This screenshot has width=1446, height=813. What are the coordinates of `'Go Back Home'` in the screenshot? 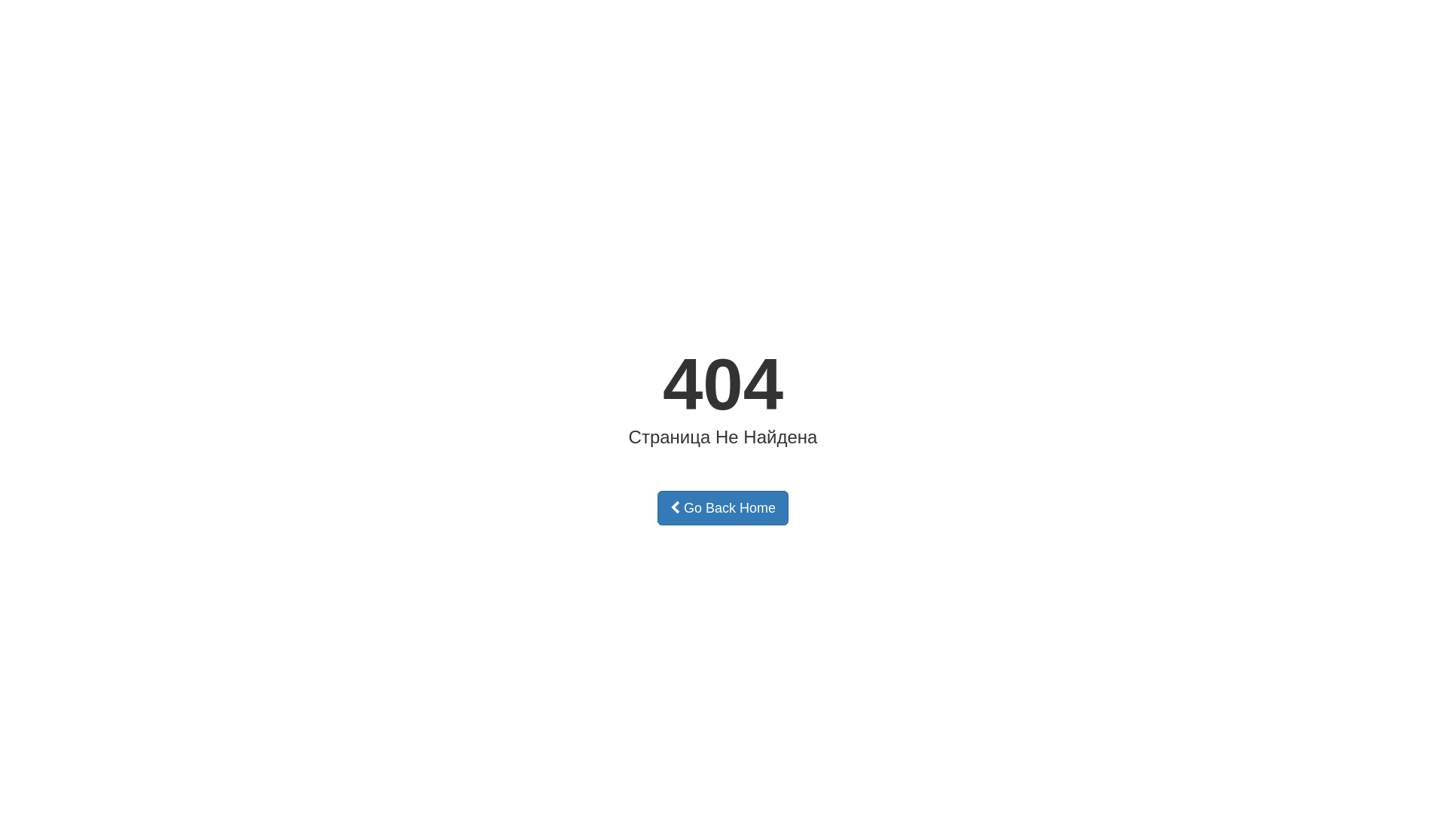 It's located at (723, 508).